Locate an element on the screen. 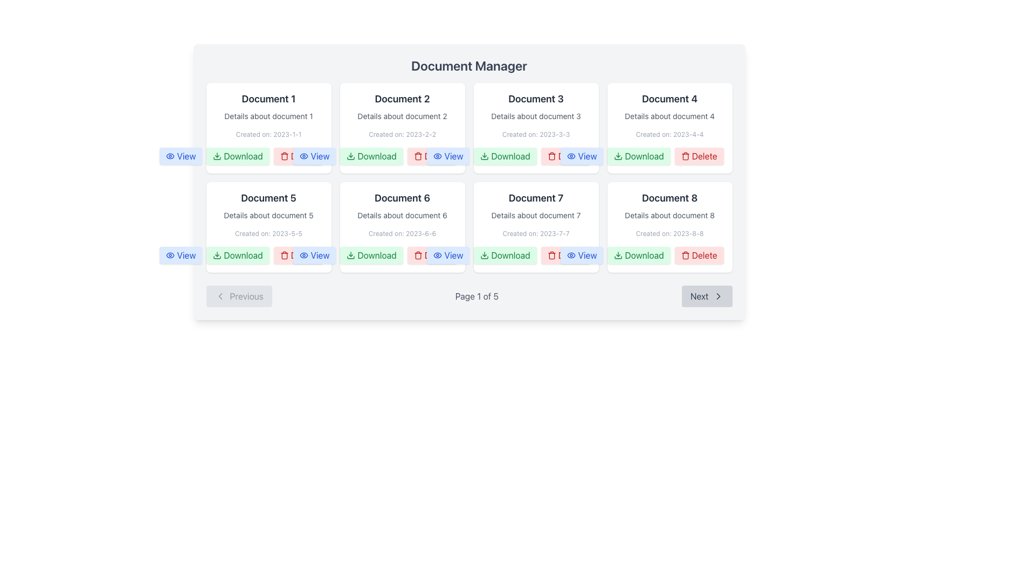 The image size is (1035, 582). the text label 'Document 8' which serves as the title for the document in the Document Manager's grid layout is located at coordinates (669, 198).